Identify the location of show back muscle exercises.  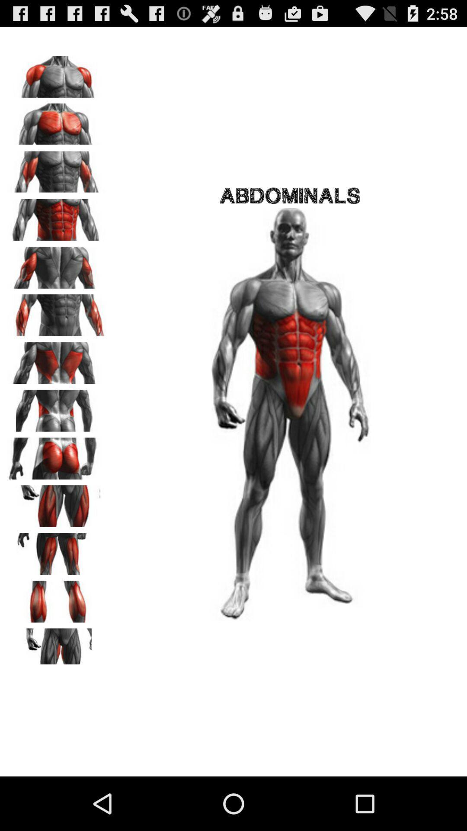
(57, 360).